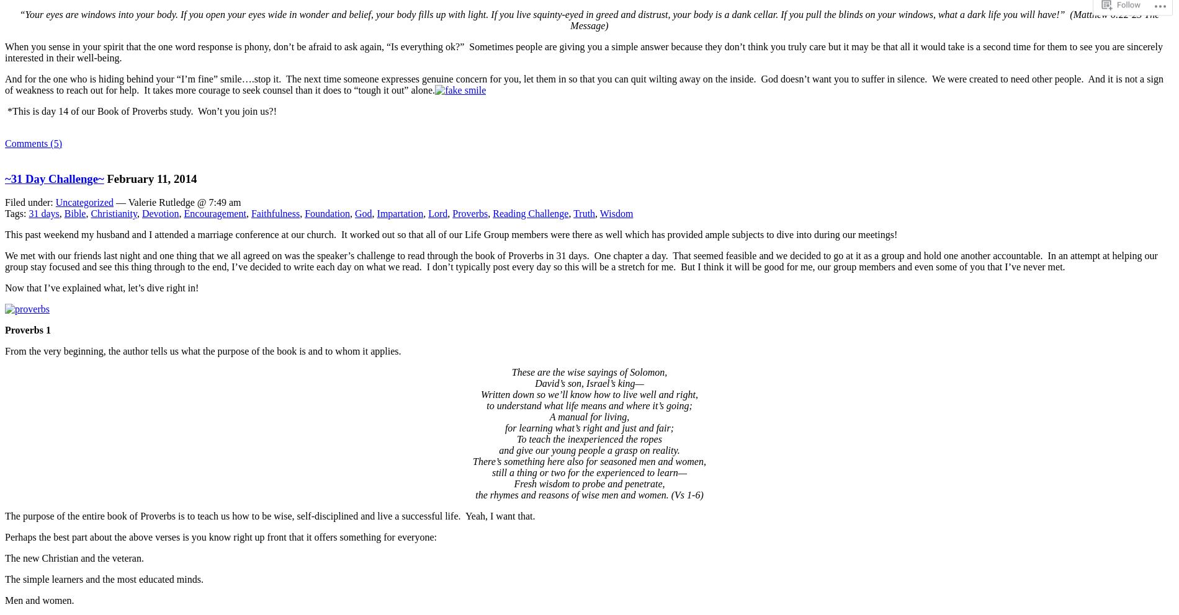 The image size is (1179, 615). I want to click on 'There’s something here also for seasoned men and women,', so click(588, 461).